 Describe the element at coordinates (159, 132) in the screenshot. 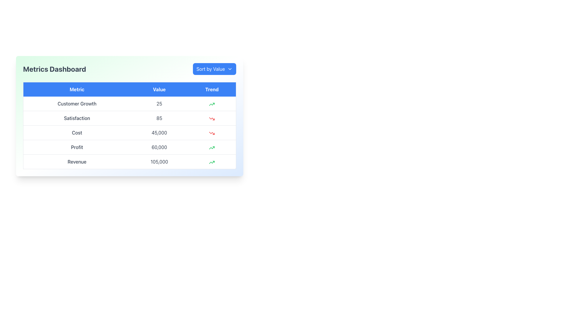

I see `the centered numerical display showing '45,000' in the 'Cost' row of the 'Metrics Dashboard' table` at that location.